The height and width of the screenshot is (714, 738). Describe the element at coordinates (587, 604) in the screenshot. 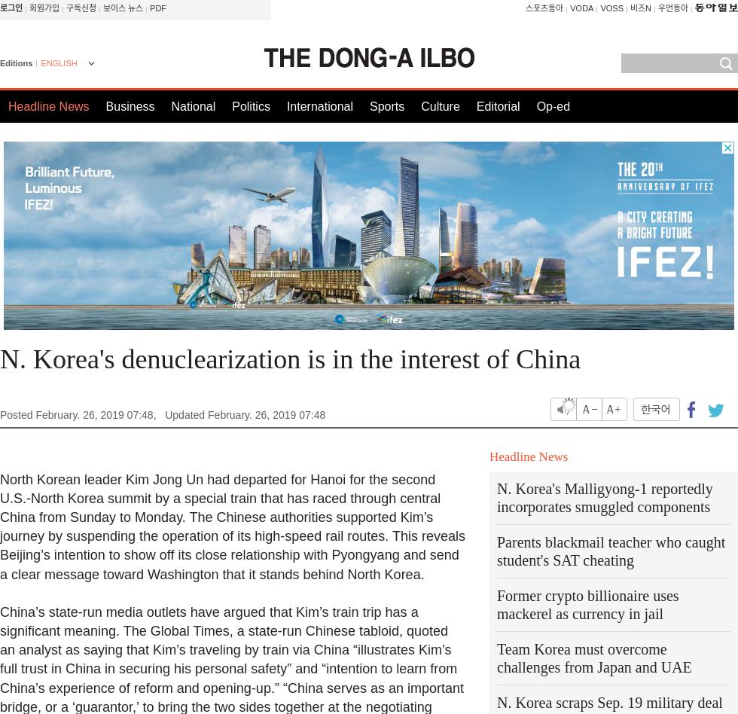

I see `'Former crypto billionaire uses mackerel as currency in jail'` at that location.